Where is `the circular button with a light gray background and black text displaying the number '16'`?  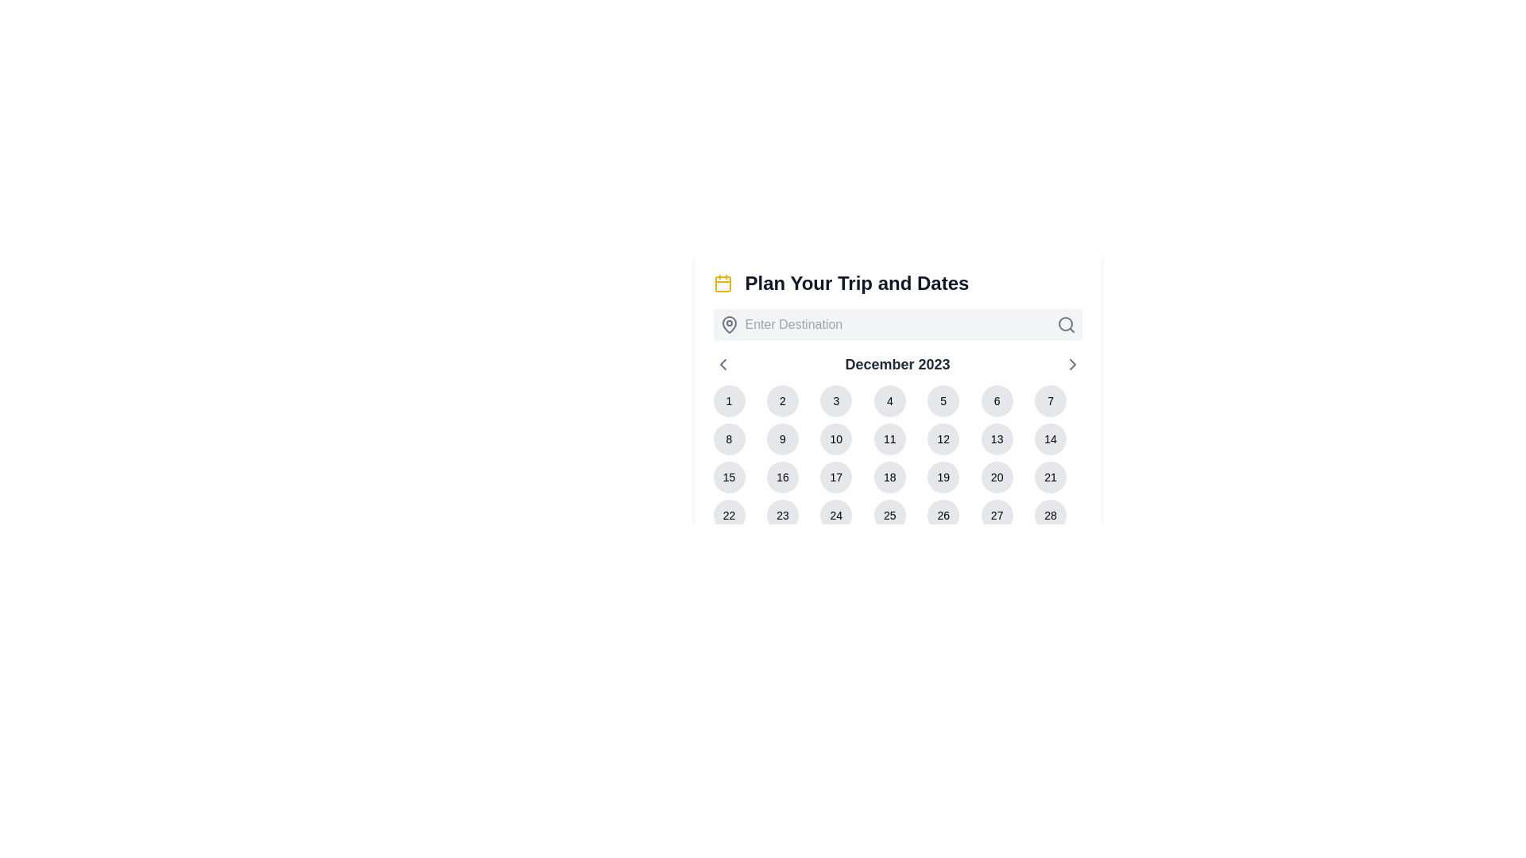 the circular button with a light gray background and black text displaying the number '16' is located at coordinates (782, 477).